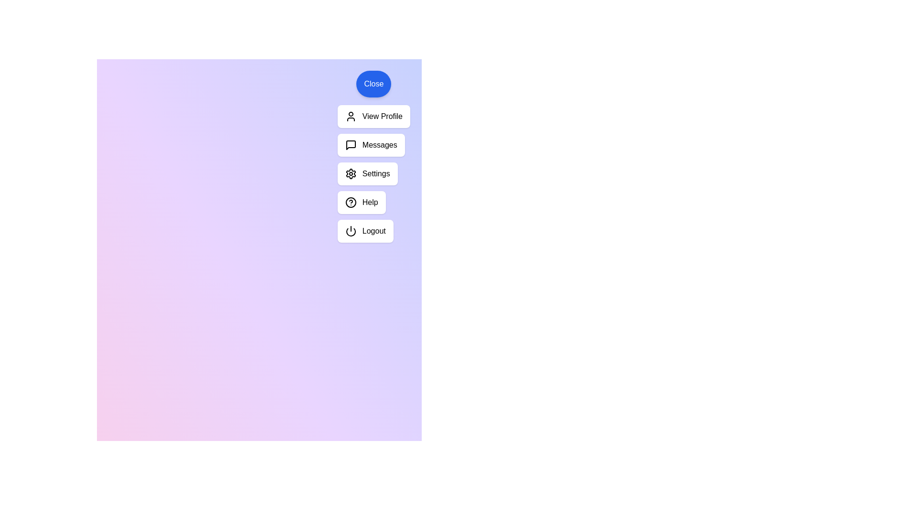  What do you see at coordinates (367, 173) in the screenshot?
I see `the 'Settings' button` at bounding box center [367, 173].